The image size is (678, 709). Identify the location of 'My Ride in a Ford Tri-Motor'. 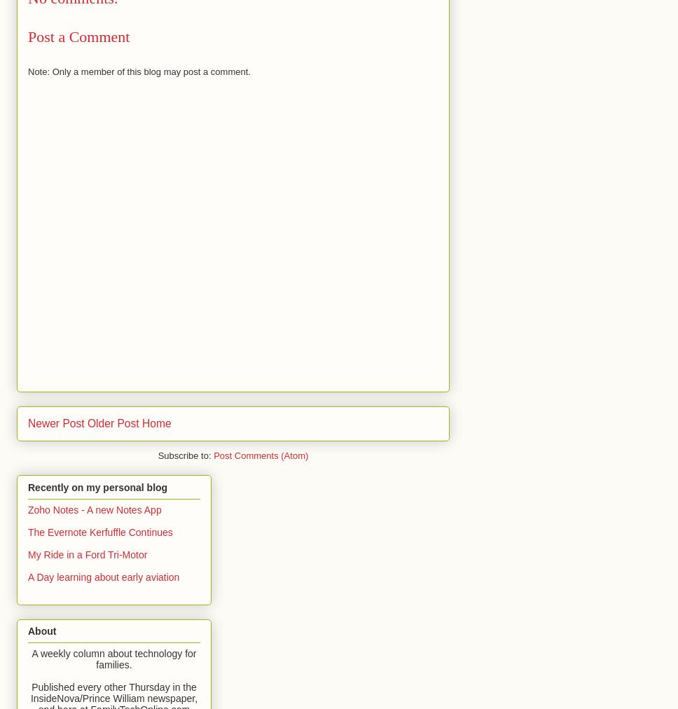
(86, 553).